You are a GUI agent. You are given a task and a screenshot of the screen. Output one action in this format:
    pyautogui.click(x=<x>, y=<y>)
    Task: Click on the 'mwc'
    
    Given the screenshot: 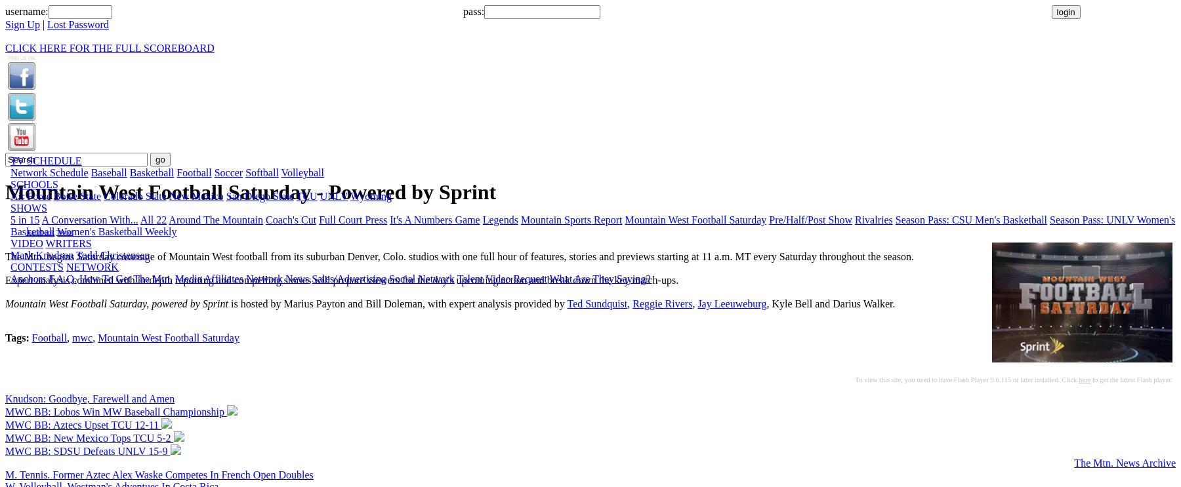 What is the action you would take?
    pyautogui.click(x=82, y=336)
    